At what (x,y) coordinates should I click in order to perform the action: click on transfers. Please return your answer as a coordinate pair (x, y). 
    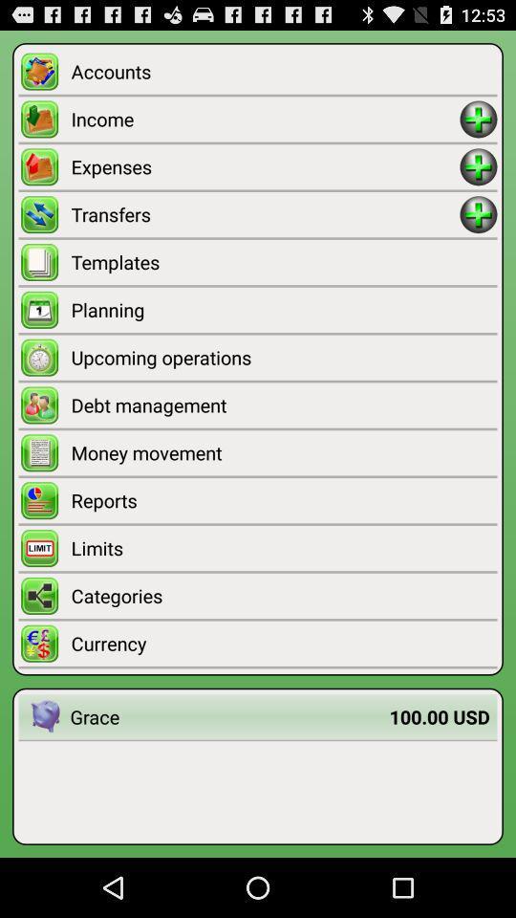
    Looking at the image, I should click on (478, 214).